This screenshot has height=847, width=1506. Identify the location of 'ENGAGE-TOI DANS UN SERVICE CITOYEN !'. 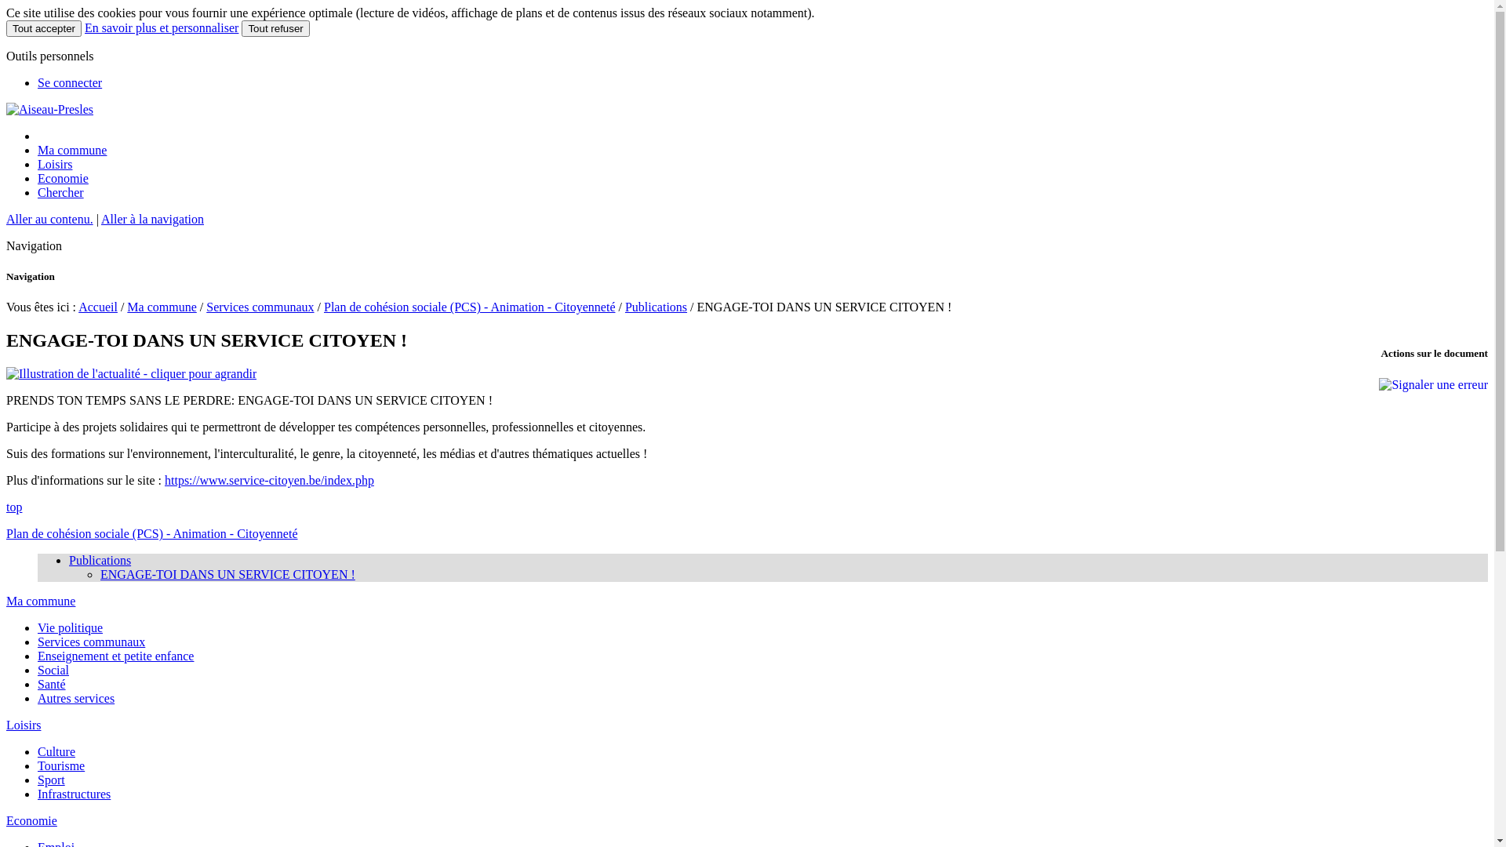
(227, 574).